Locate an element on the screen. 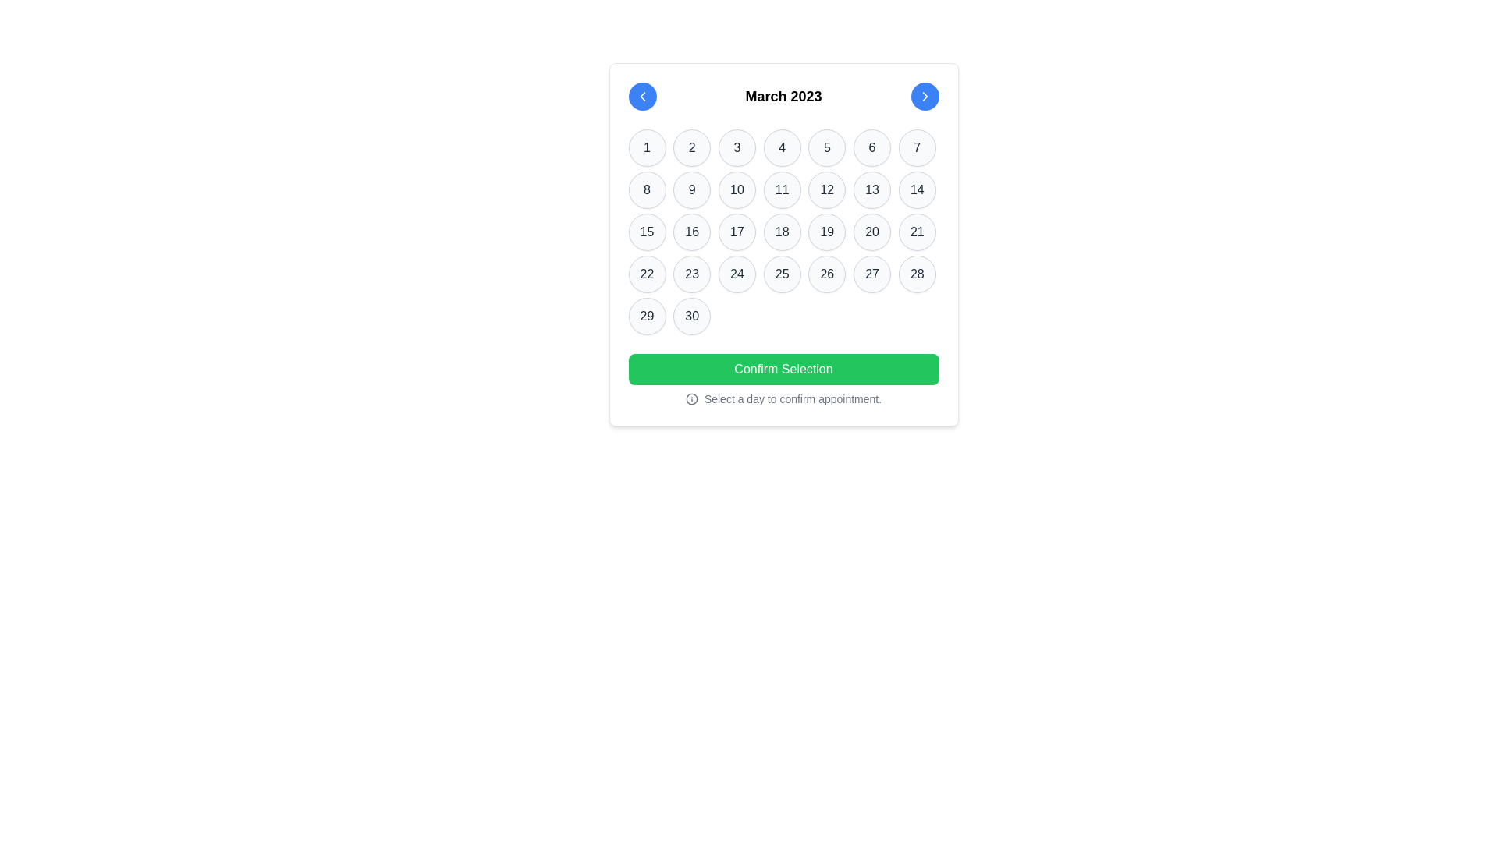 The width and height of the screenshot is (1498, 842). the circular button labeled '6' in the calendar grid is located at coordinates (871, 147).